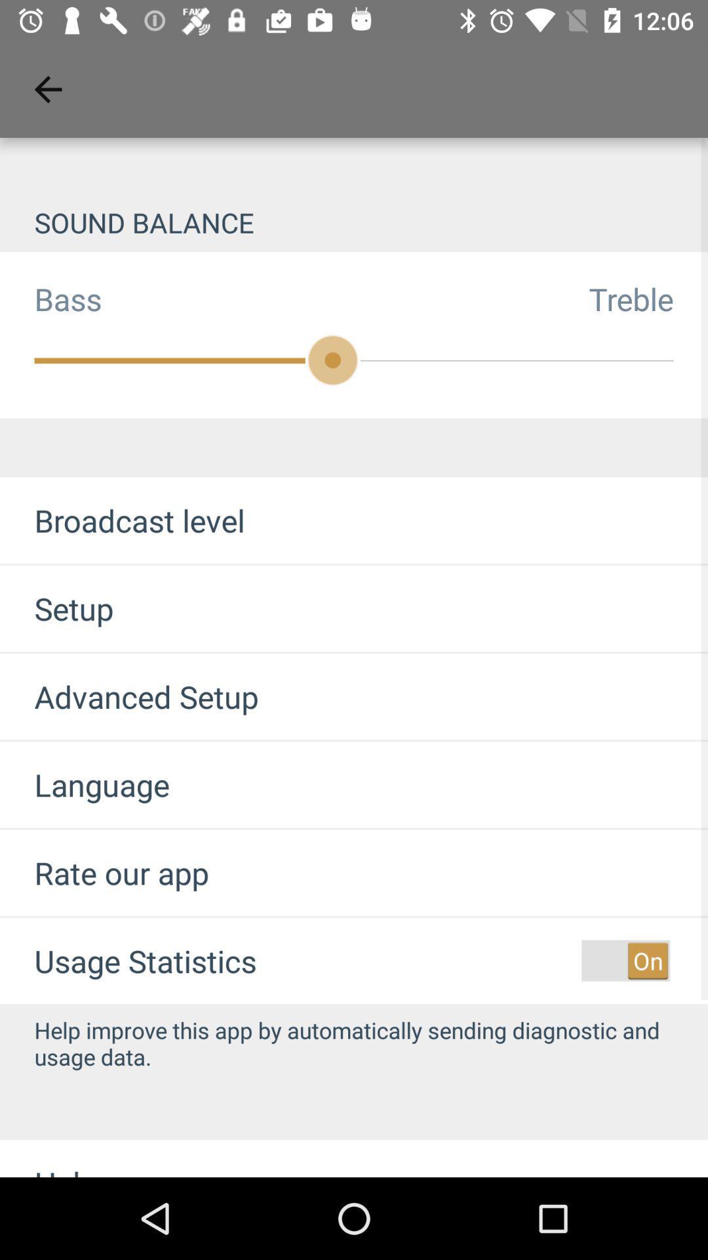 Image resolution: width=708 pixels, height=1260 pixels. I want to click on the item next to the usage statistics, so click(625, 961).